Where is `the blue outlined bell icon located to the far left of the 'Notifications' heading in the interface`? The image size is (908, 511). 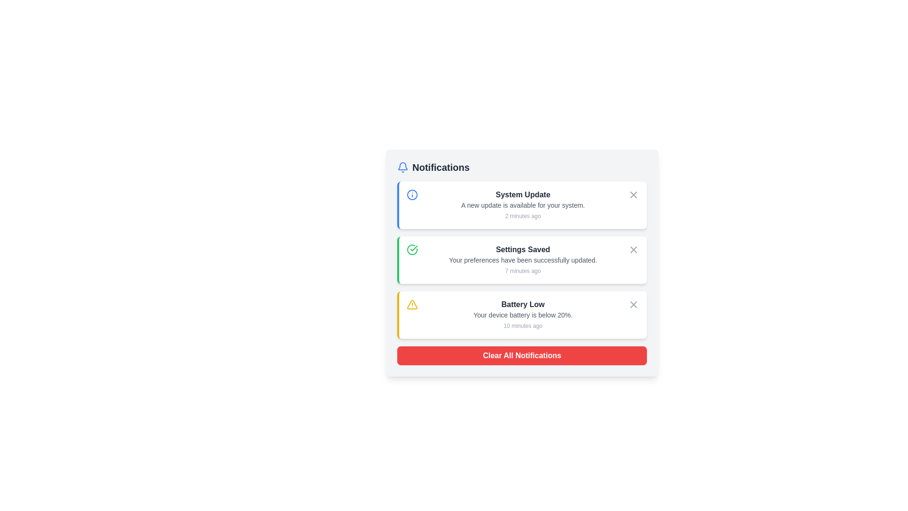 the blue outlined bell icon located to the far left of the 'Notifications' heading in the interface is located at coordinates (402, 167).